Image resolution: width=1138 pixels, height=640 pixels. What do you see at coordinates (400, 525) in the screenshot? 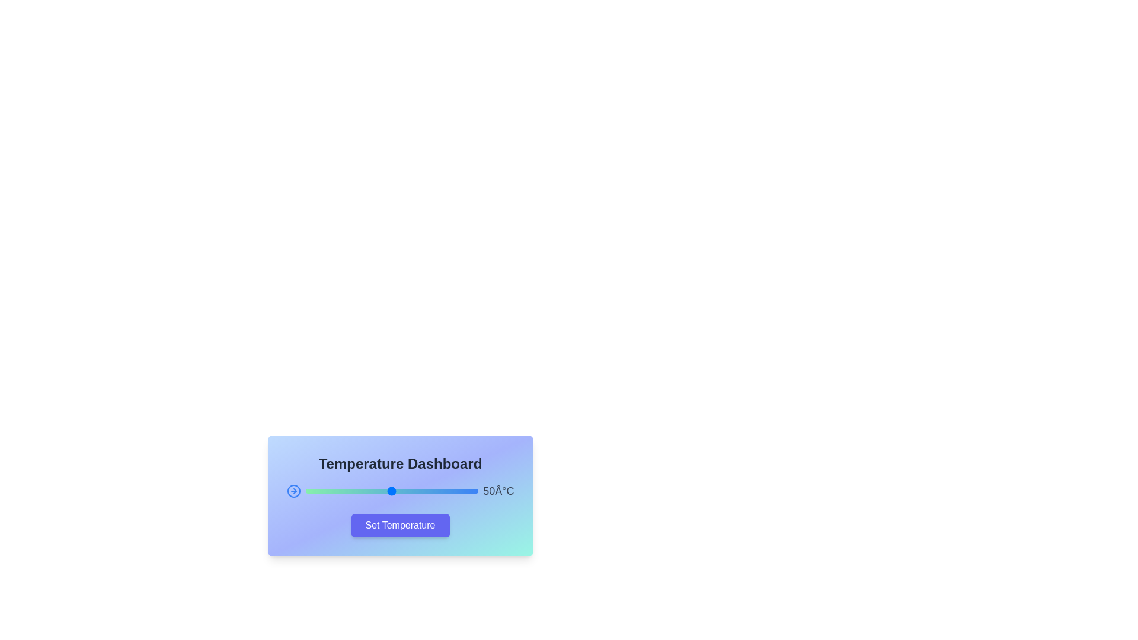
I see `'Set Temperature' button to confirm the selected temperature` at bounding box center [400, 525].